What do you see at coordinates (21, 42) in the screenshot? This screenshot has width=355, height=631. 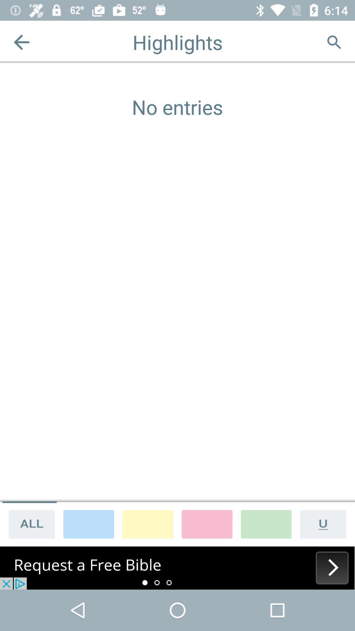 I see `previous` at bounding box center [21, 42].